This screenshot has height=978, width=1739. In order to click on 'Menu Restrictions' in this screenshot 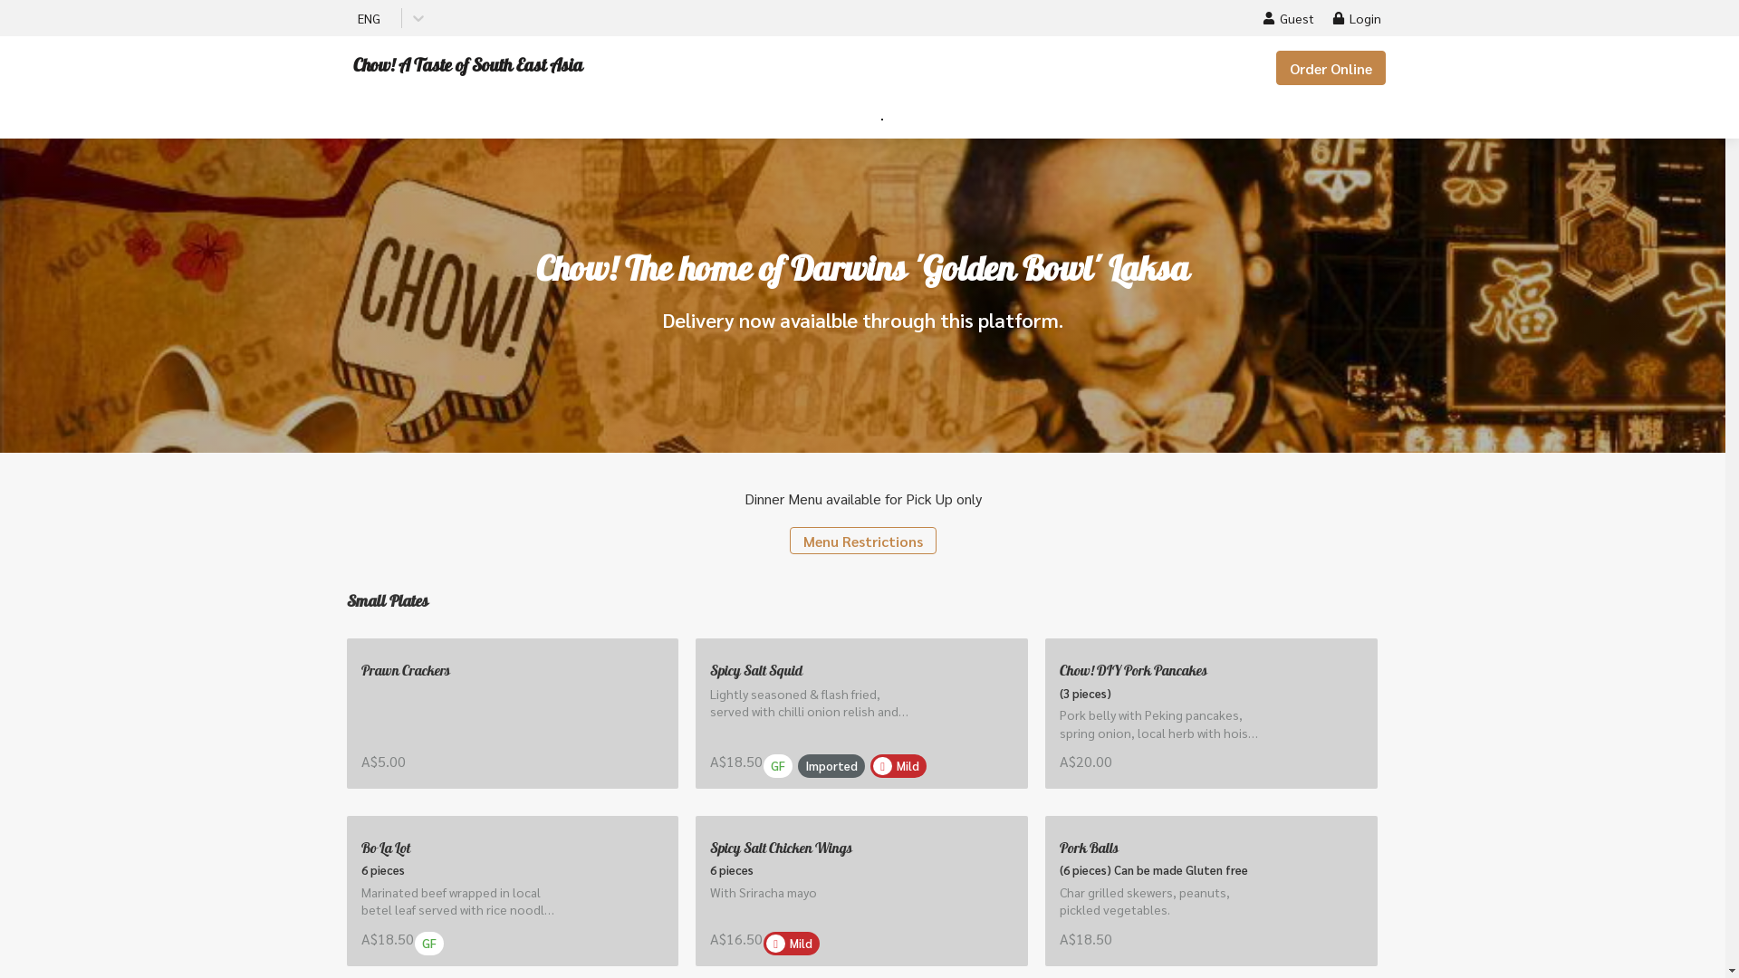, I will do `click(862, 540)`.